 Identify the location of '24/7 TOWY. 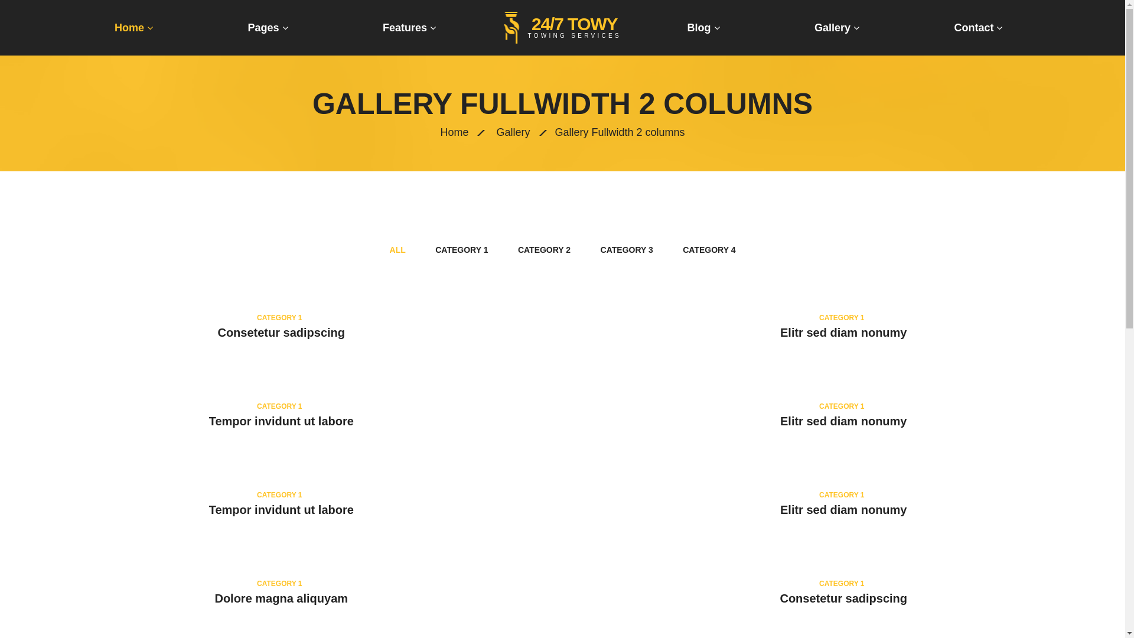
(504, 27).